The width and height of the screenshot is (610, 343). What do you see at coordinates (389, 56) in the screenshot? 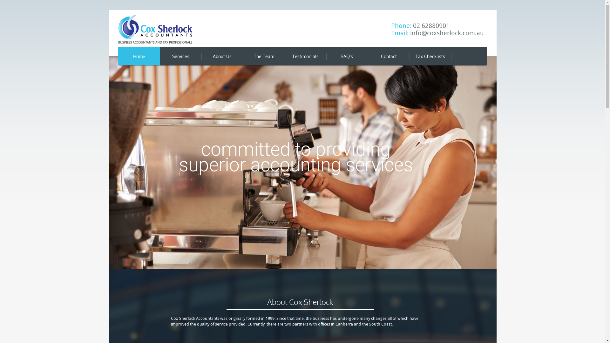
I see `'Contact'` at bounding box center [389, 56].